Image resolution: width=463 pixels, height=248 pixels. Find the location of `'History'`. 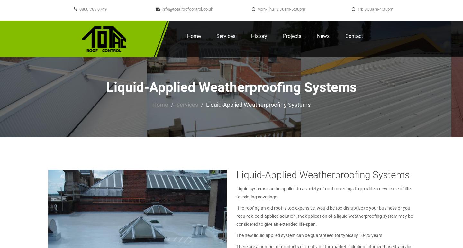

'History' is located at coordinates (251, 36).